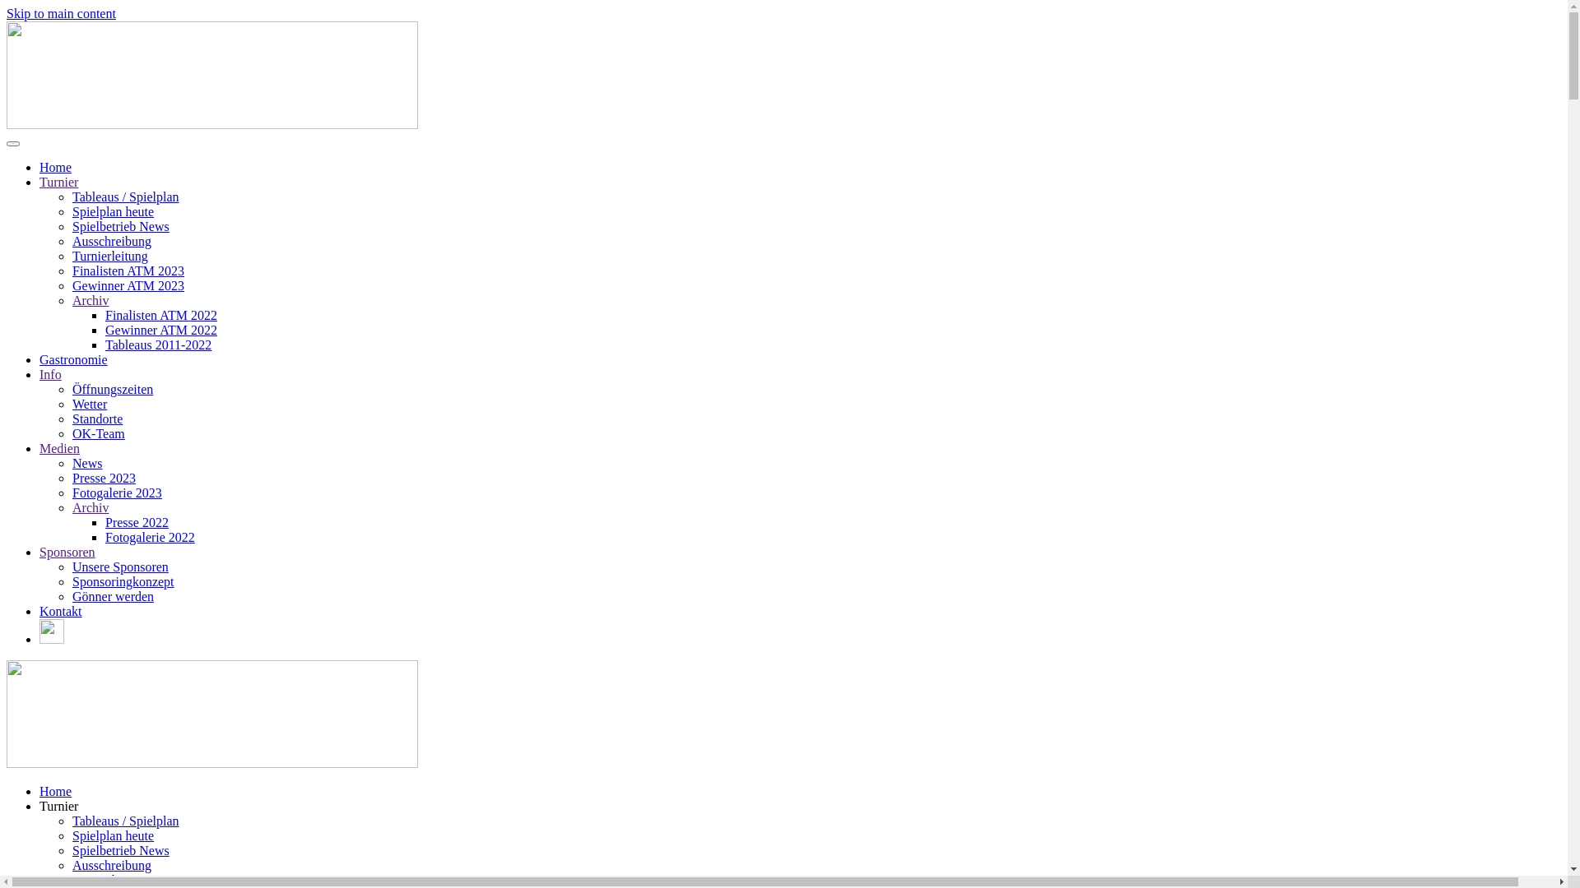 Image resolution: width=1580 pixels, height=888 pixels. I want to click on 'Skip to main content', so click(61, 13).